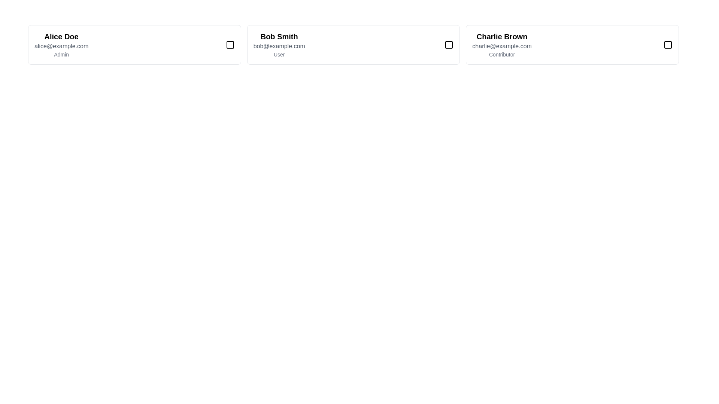 This screenshot has height=404, width=719. What do you see at coordinates (502, 46) in the screenshot?
I see `the email address text displayed within the card for the individual named 'Charlie Brown', which is positioned between the name and the 'Contributor' label` at bounding box center [502, 46].